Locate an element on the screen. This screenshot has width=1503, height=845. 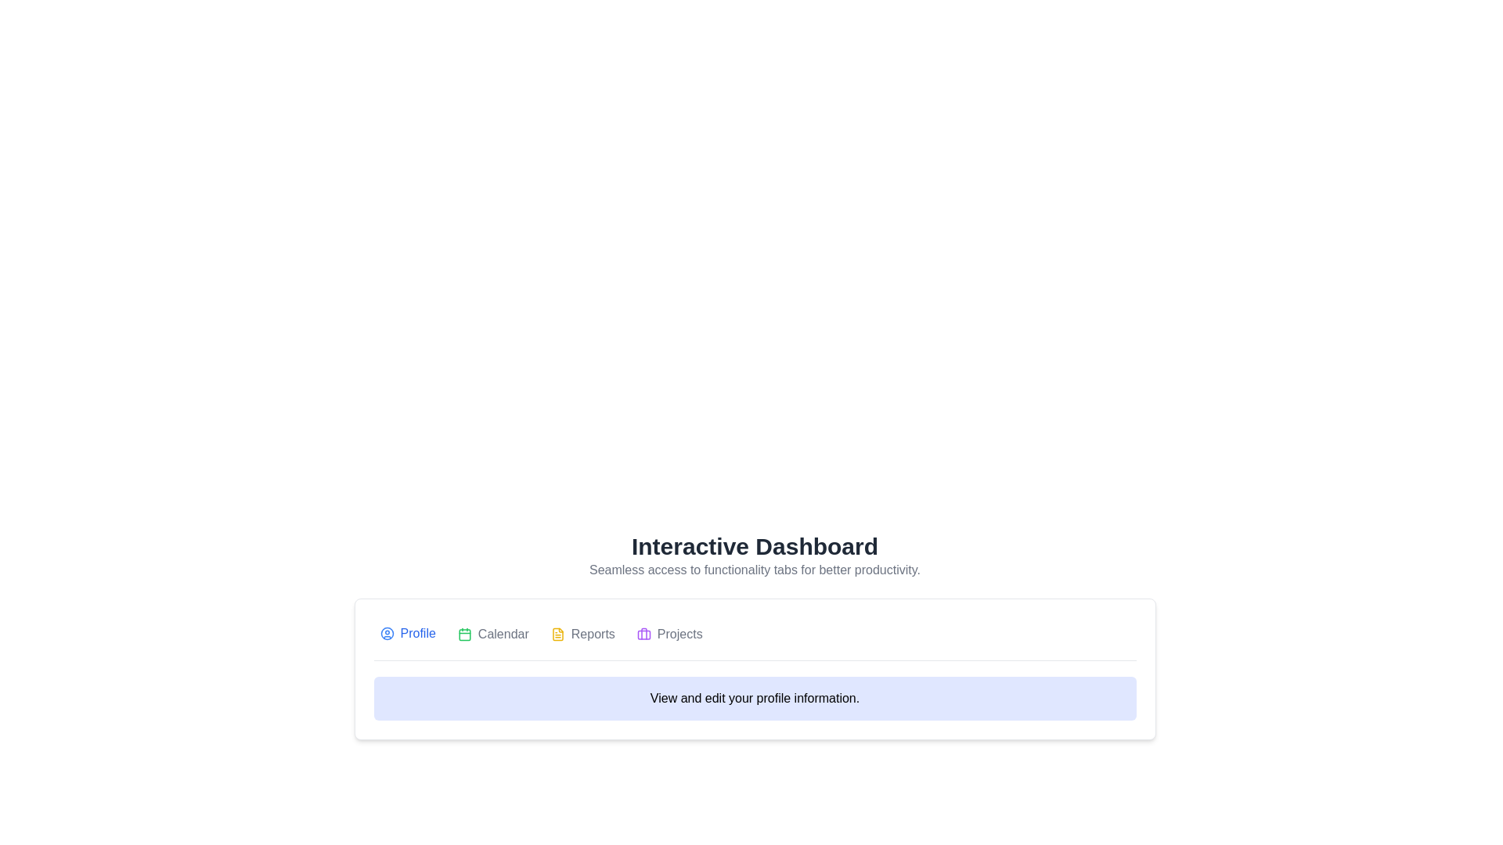
the decorative SVG rectangle that represents the main body of the calendar icon in the 'Calendar' tab area is located at coordinates (463, 635).